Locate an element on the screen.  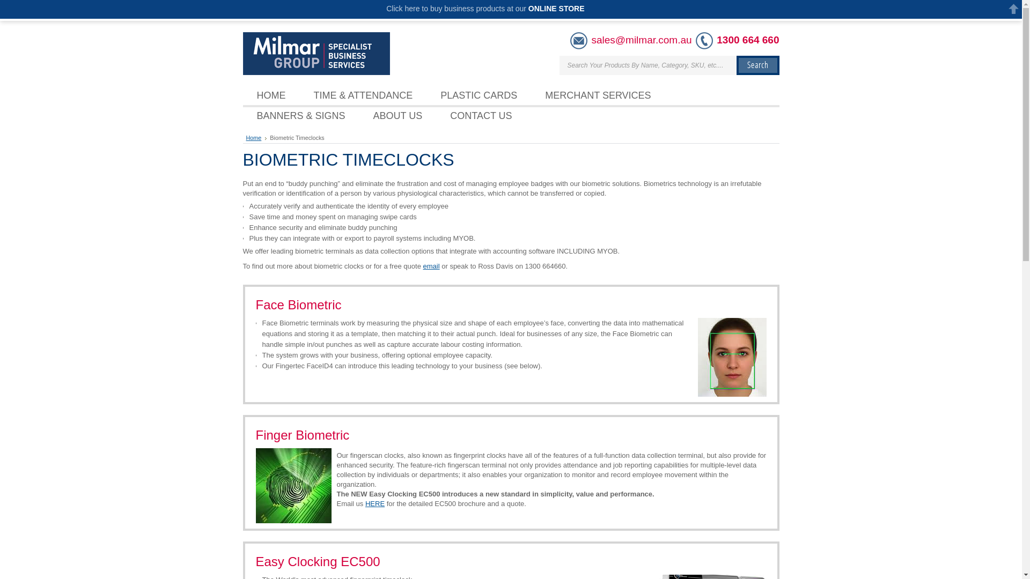
'email' is located at coordinates (422, 265).